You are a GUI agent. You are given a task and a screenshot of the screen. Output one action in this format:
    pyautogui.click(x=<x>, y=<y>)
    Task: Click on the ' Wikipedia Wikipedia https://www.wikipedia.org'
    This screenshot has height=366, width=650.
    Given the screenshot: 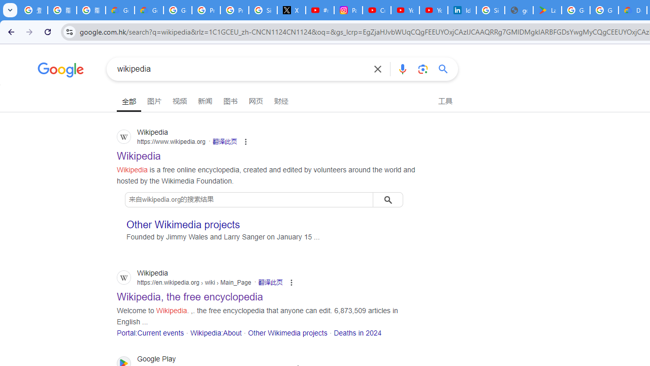 What is the action you would take?
    pyautogui.click(x=138, y=153)
    